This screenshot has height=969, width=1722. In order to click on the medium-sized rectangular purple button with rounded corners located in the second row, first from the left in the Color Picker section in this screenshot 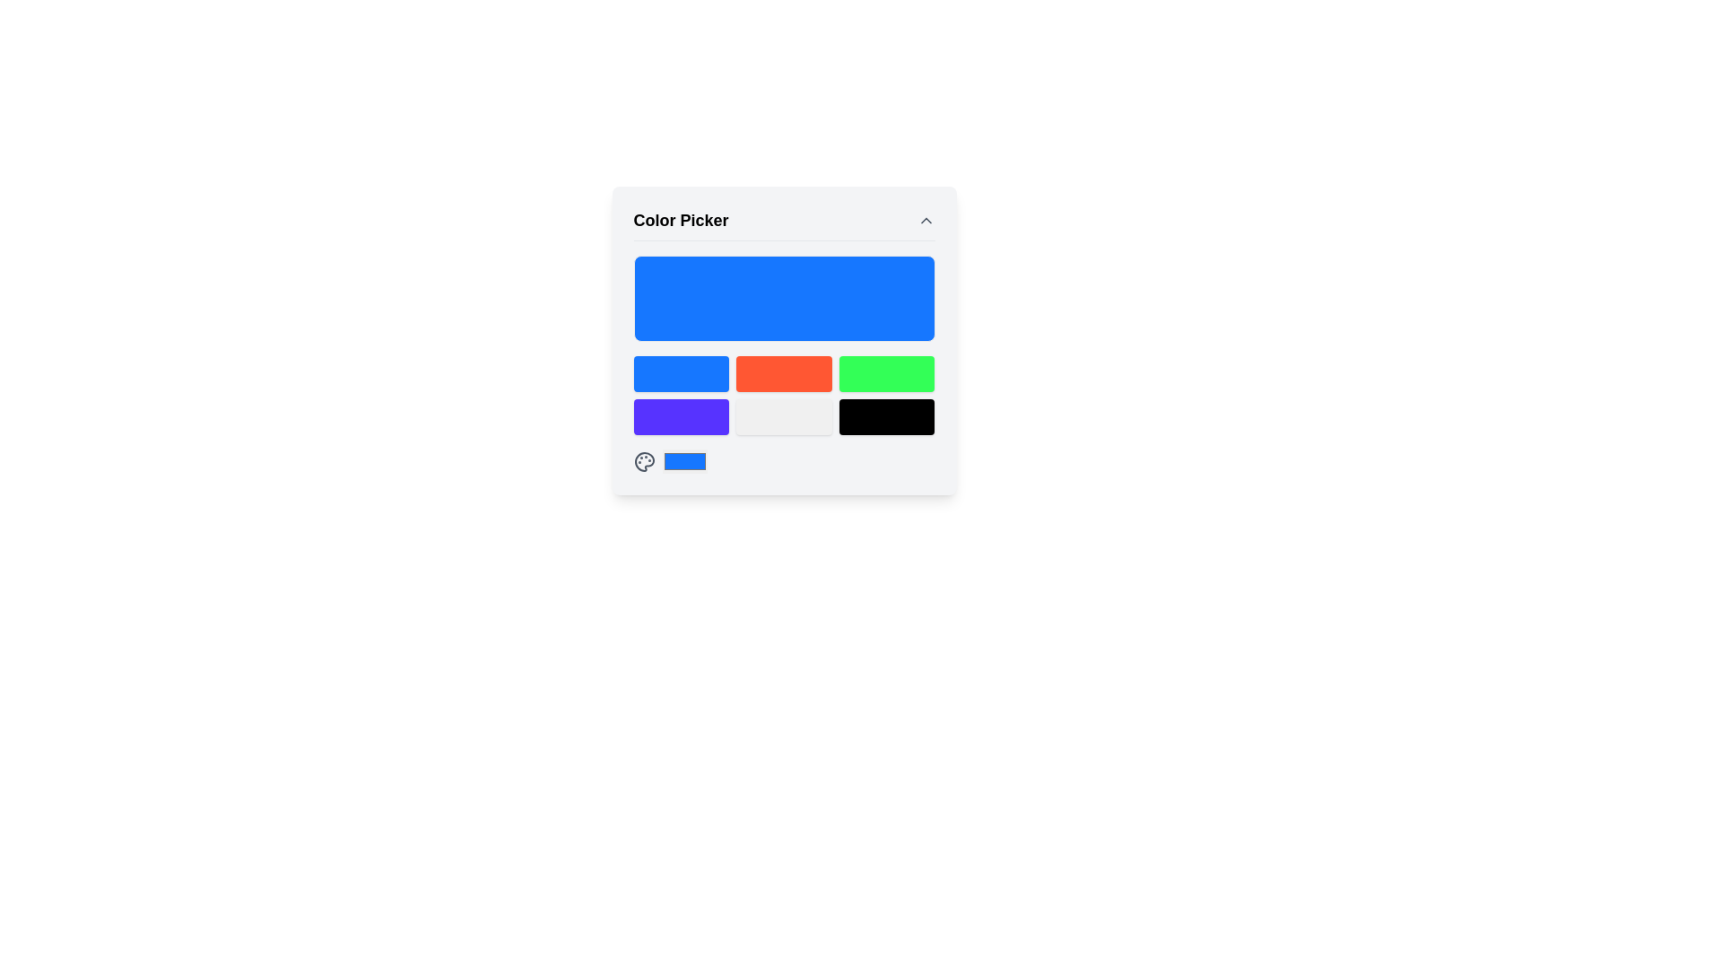, I will do `click(680, 417)`.